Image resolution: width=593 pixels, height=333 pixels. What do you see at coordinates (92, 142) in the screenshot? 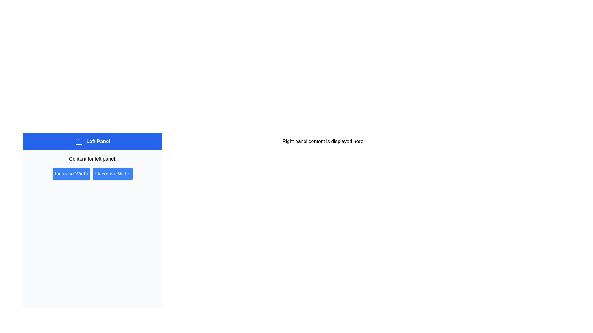
I see `the Header bar that is filled with a vivid blue color and contains the white text 'Left Panel', located at the top of the interface with a folder icon to the left` at bounding box center [92, 142].